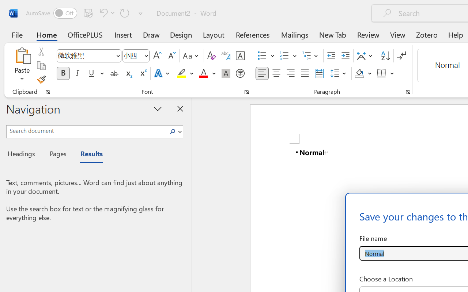 The width and height of the screenshot is (468, 292). I want to click on 'Undo <ApplyStyleToDoc>b__0', so click(102, 12).